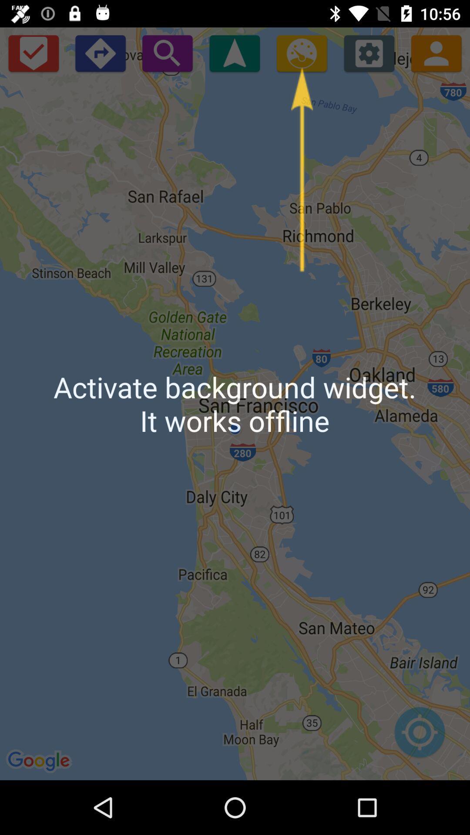 The width and height of the screenshot is (470, 835). Describe the element at coordinates (167, 53) in the screenshot. I see `the search icon` at that location.